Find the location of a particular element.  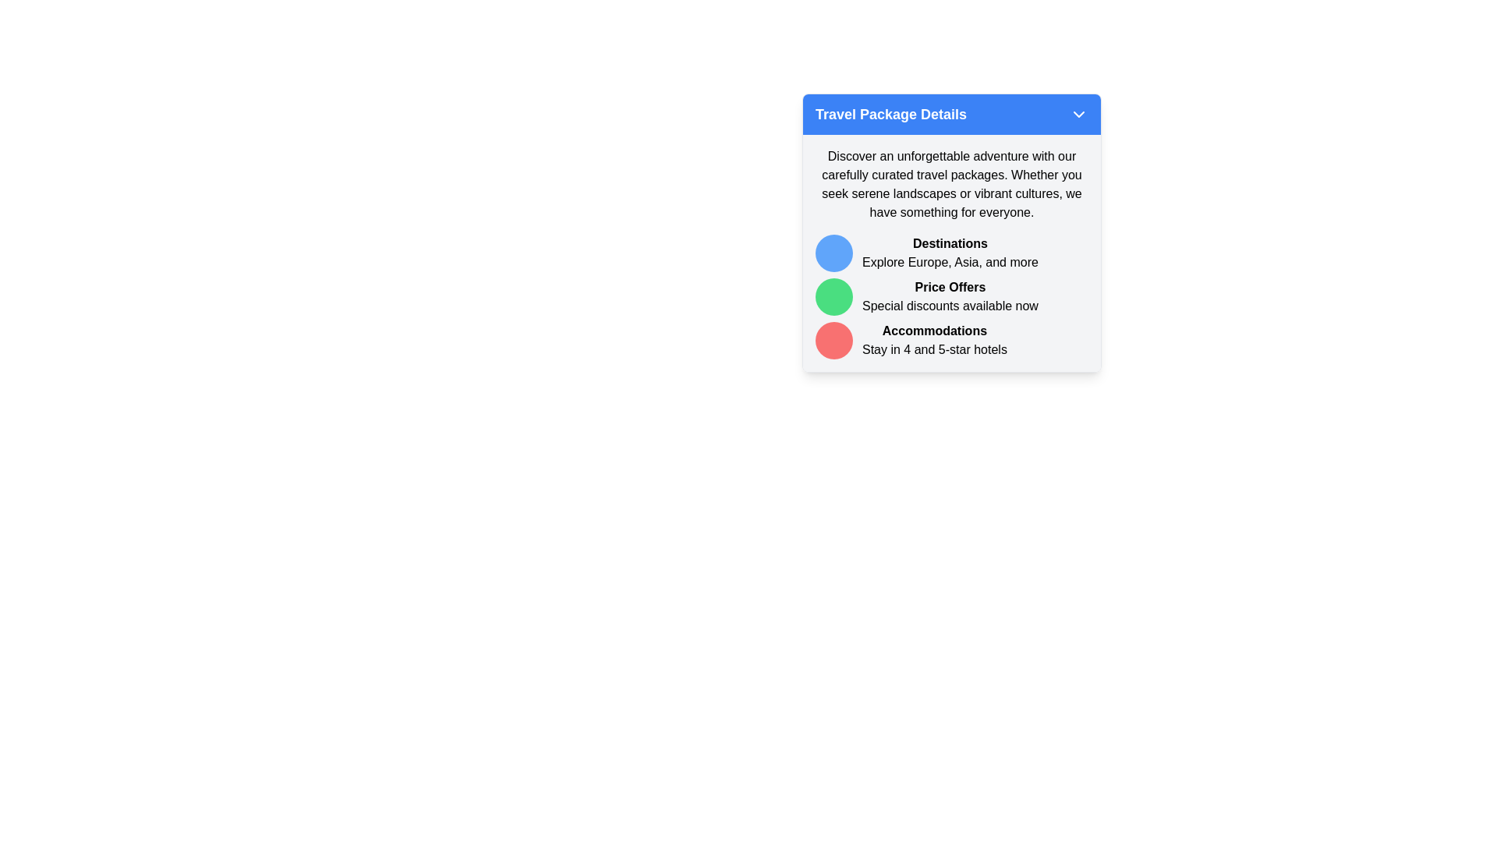

the travel package details section is located at coordinates (950, 297).